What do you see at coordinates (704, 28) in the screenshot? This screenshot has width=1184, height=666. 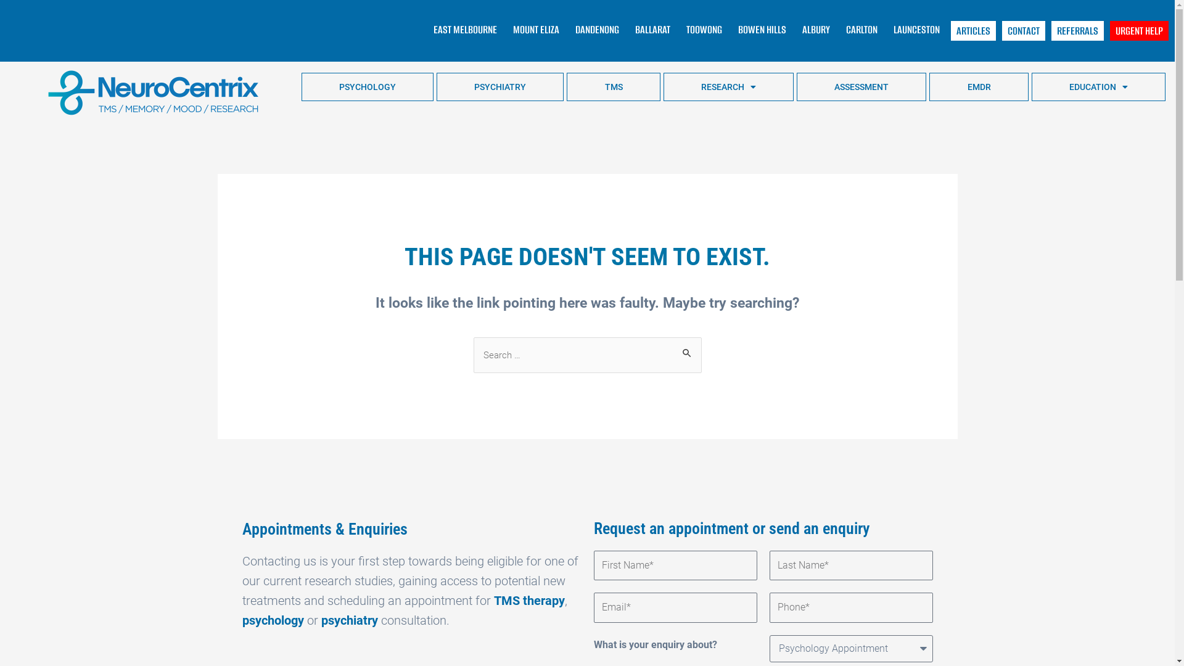 I see `'TOOWONG'` at bounding box center [704, 28].